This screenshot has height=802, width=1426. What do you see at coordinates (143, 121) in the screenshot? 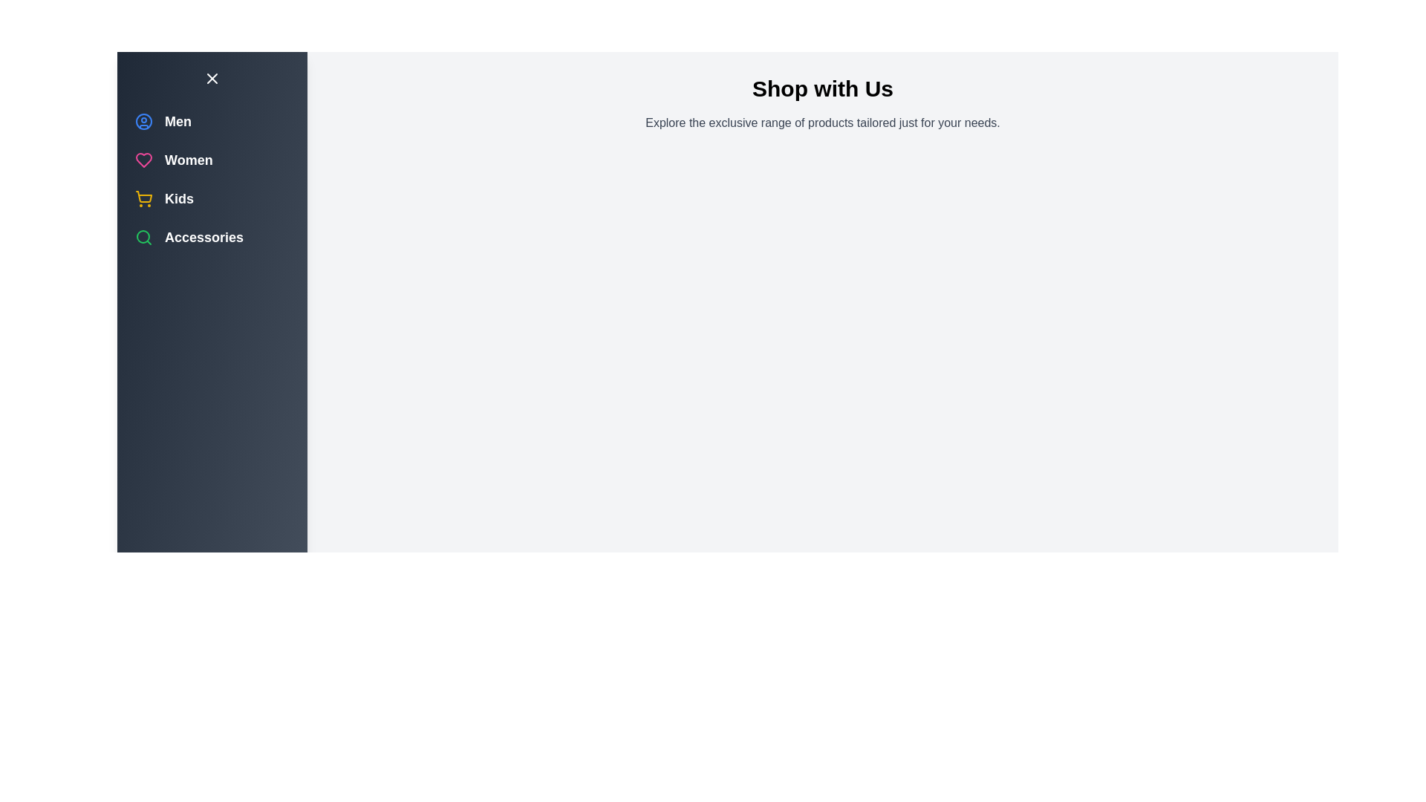
I see `the category Men to select it` at bounding box center [143, 121].